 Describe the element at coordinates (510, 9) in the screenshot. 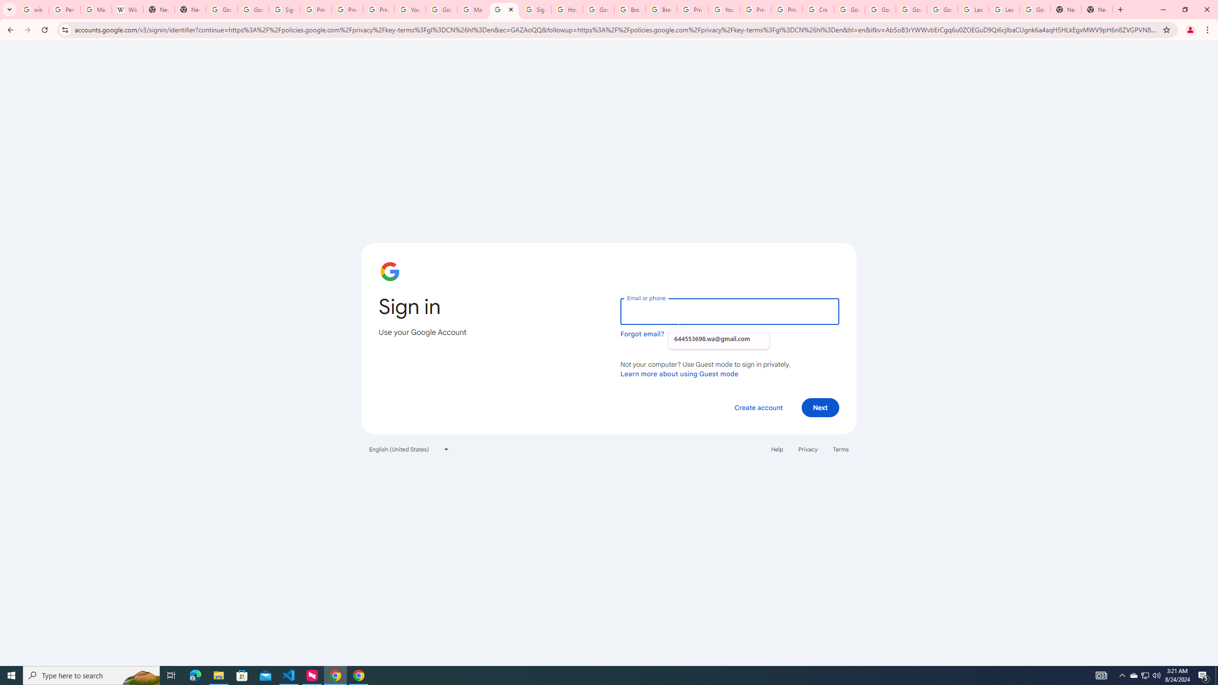

I see `'Close'` at that location.